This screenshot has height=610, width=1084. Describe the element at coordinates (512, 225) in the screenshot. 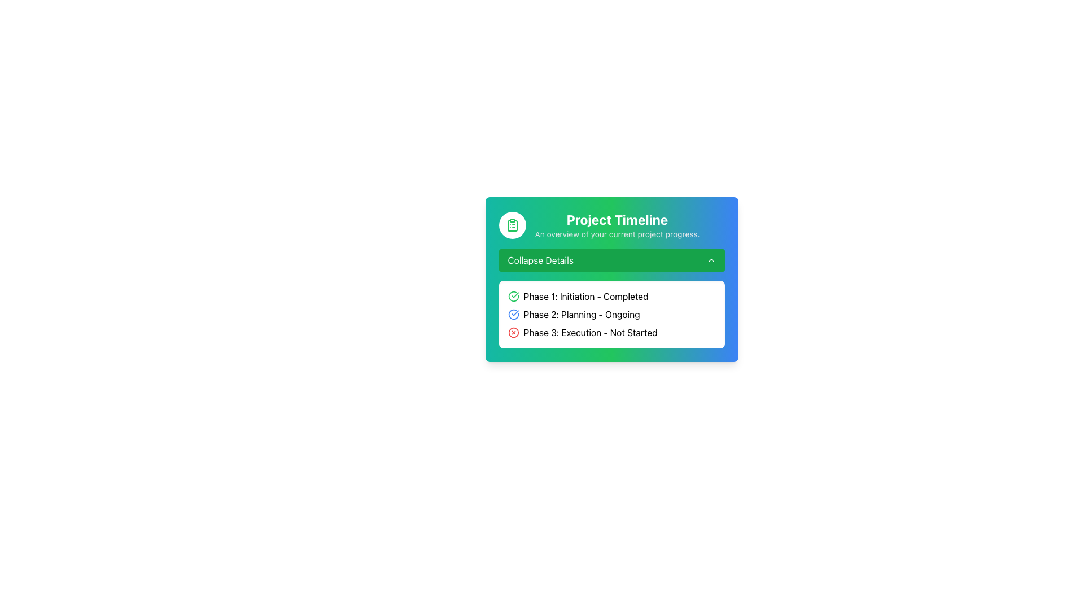

I see `the project timeline icon located to the left of the header text 'Project Timeline' within the green banner at the top of the project information card` at that location.